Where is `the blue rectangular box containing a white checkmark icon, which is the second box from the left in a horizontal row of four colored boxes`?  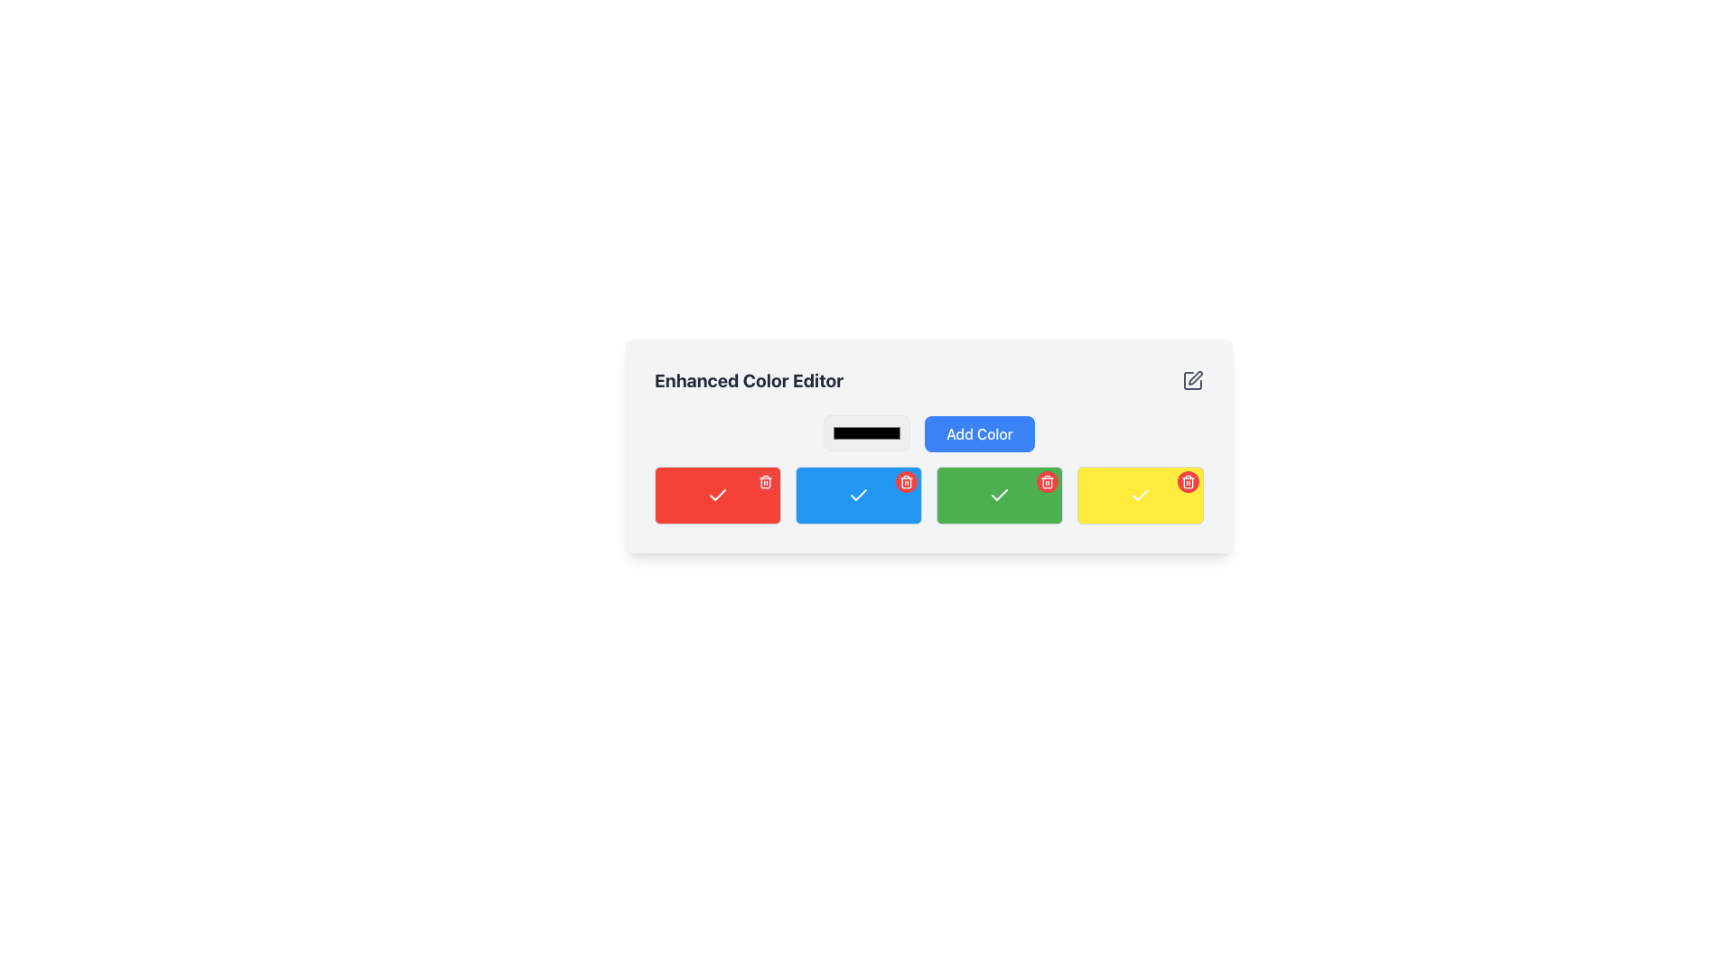
the blue rectangular box containing a white checkmark icon, which is the second box from the left in a horizontal row of four colored boxes is located at coordinates (857, 495).